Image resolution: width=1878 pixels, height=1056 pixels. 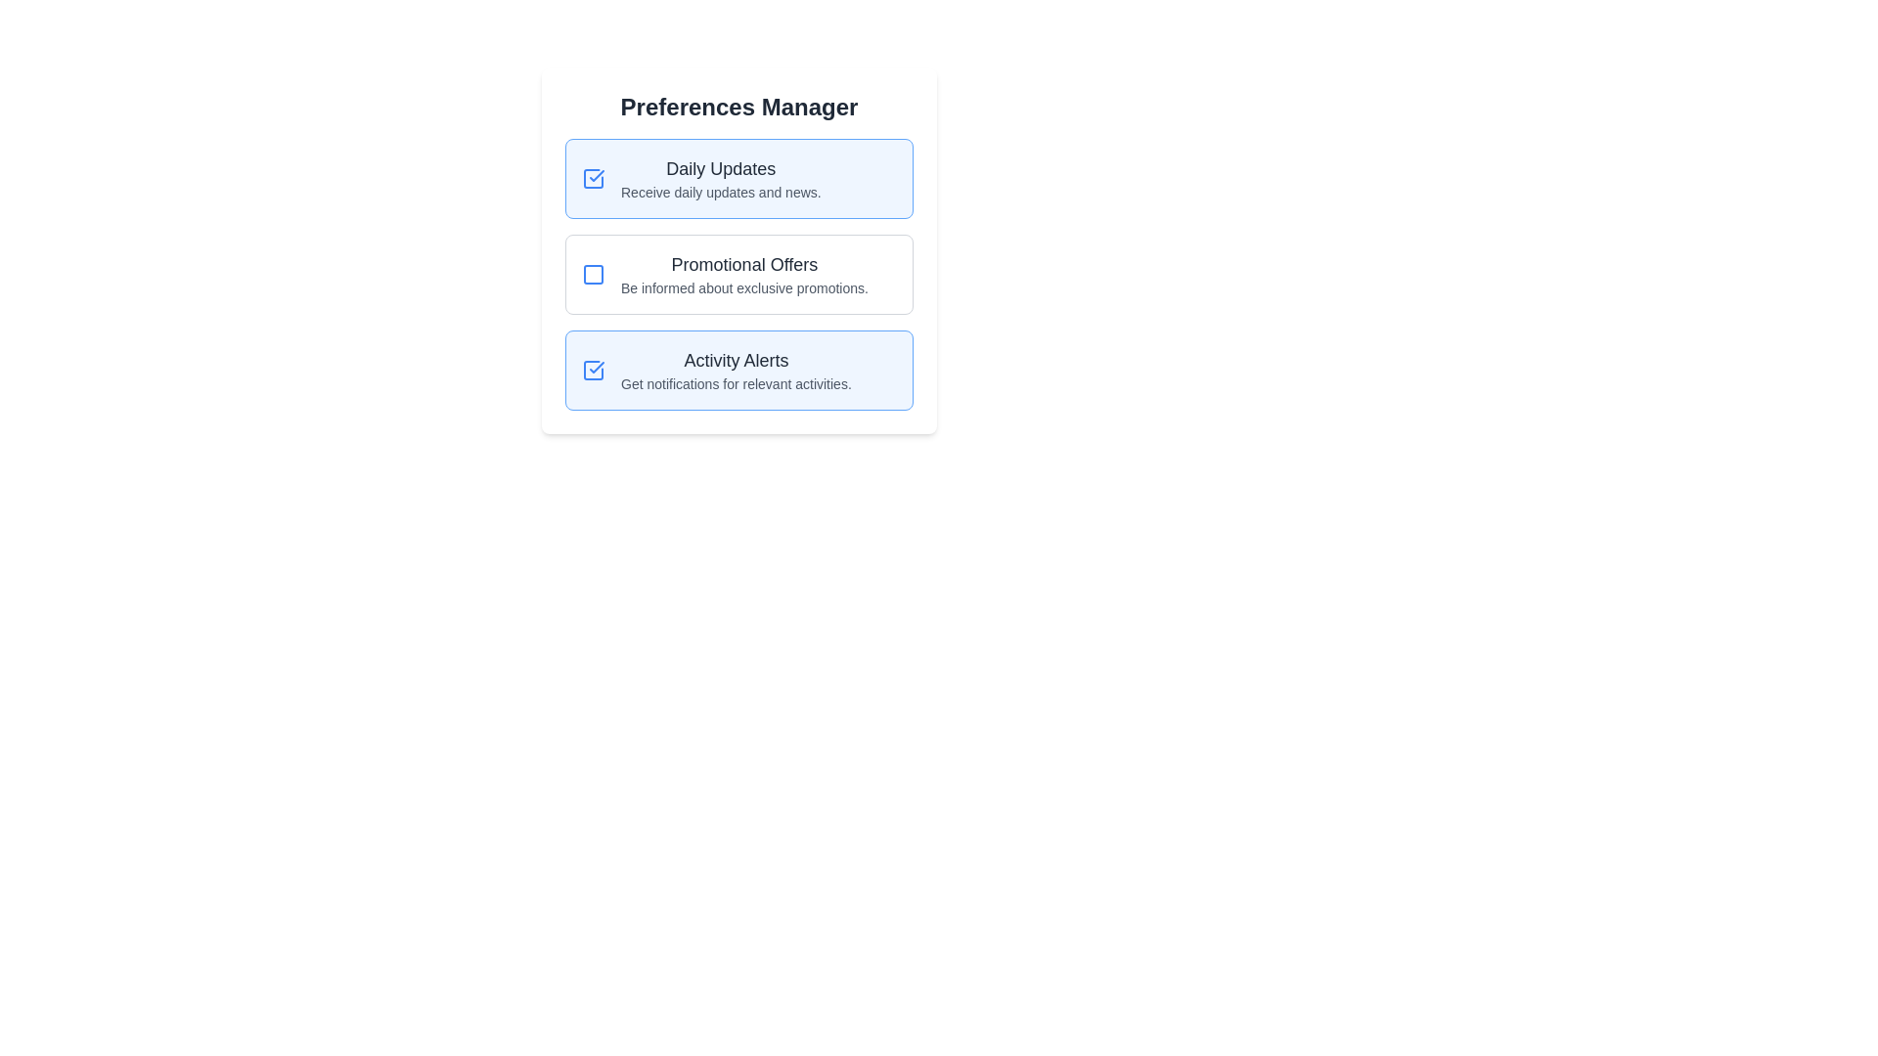 I want to click on the Text label that provides supplementary details for the 'Activity Alerts' option, located below the heading 'Activity Alerts' in the 'Preferences Manager' interface, so click(x=735, y=384).